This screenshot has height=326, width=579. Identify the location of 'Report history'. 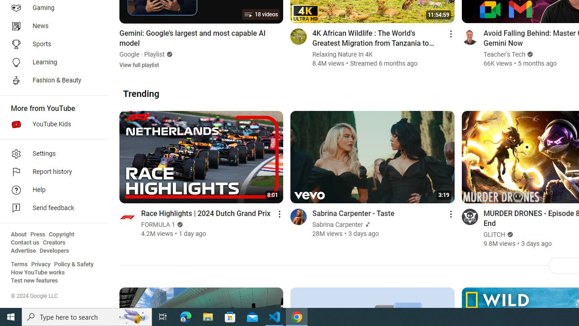
(51, 172).